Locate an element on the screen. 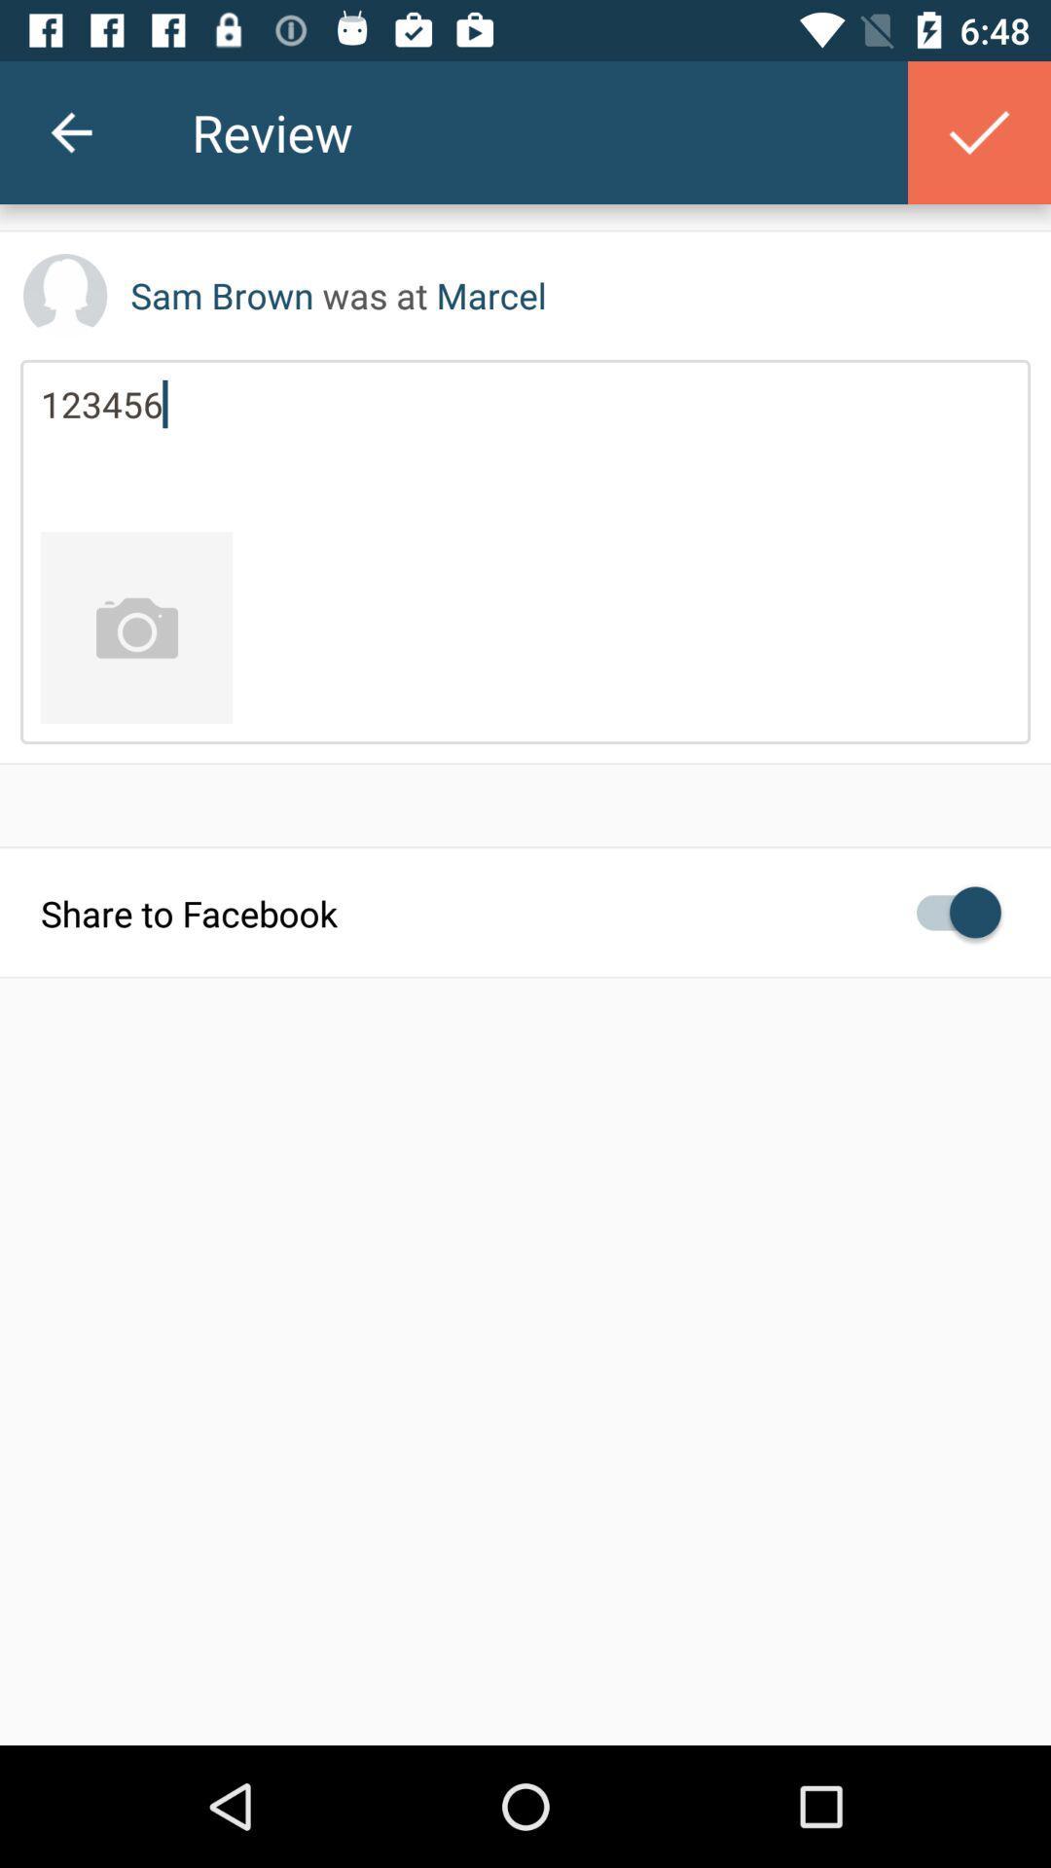 The image size is (1051, 1868). share to facebook item is located at coordinates (525, 911).